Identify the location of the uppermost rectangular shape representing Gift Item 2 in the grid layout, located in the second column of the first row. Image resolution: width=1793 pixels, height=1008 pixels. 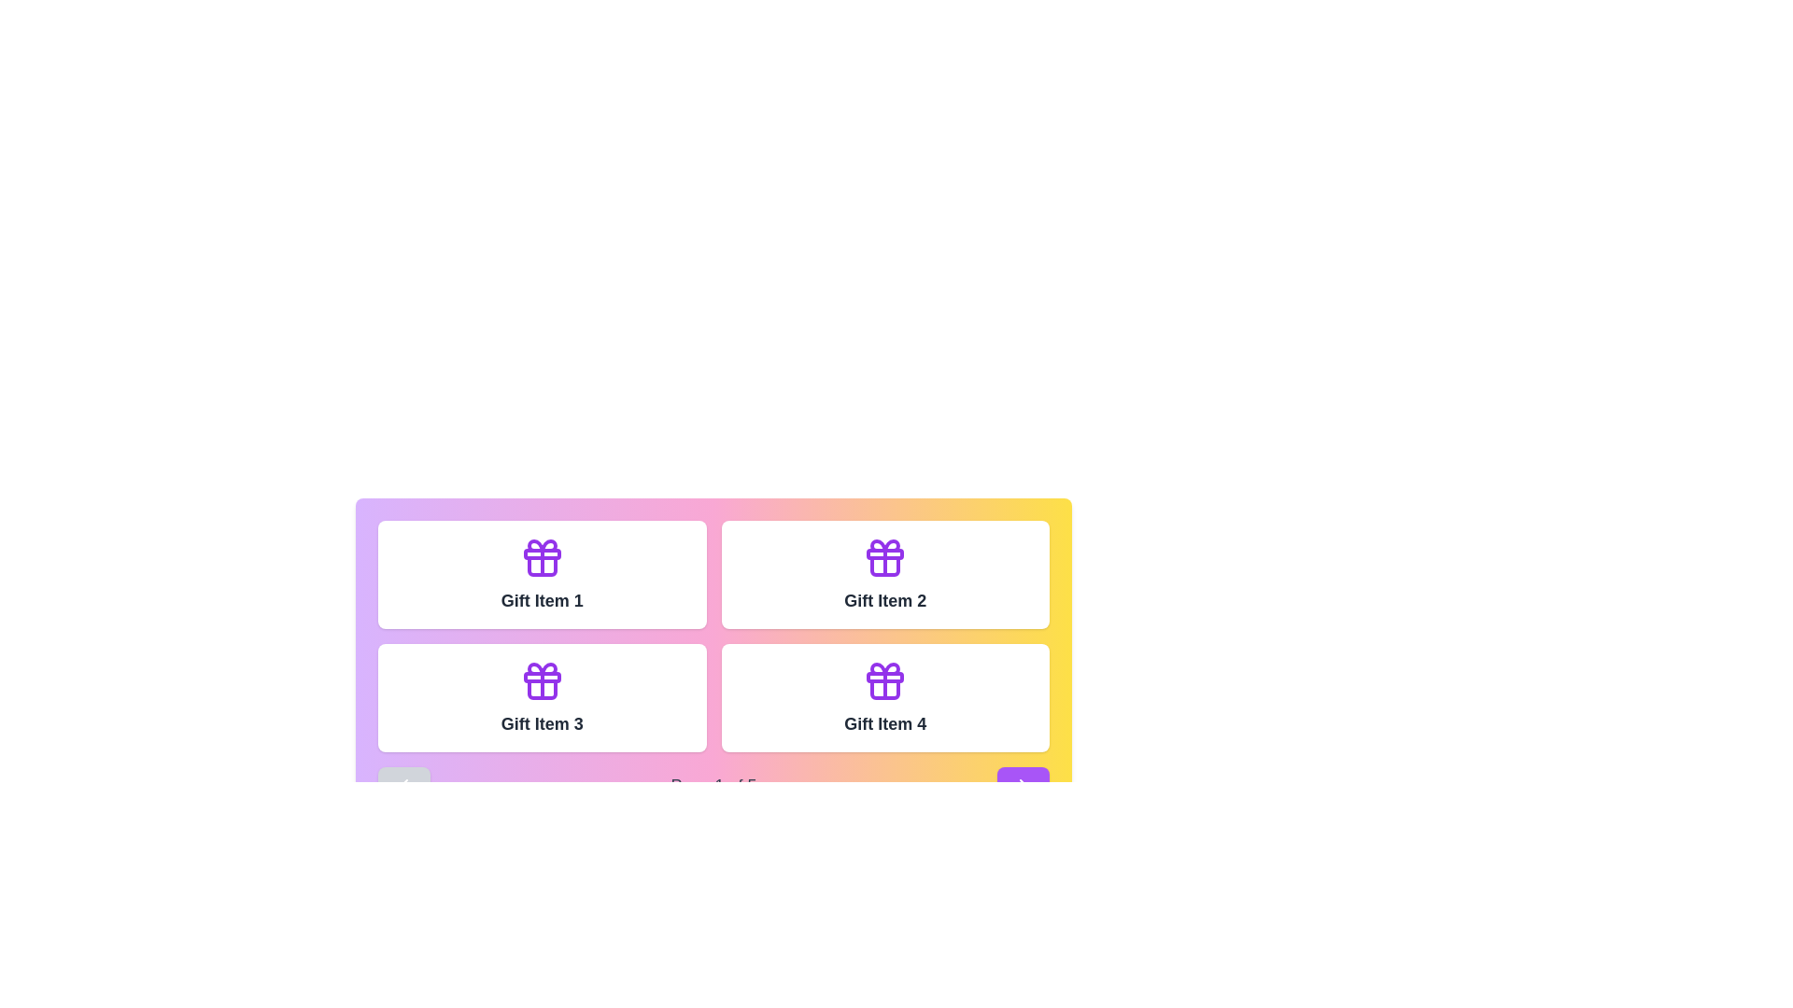
(884, 553).